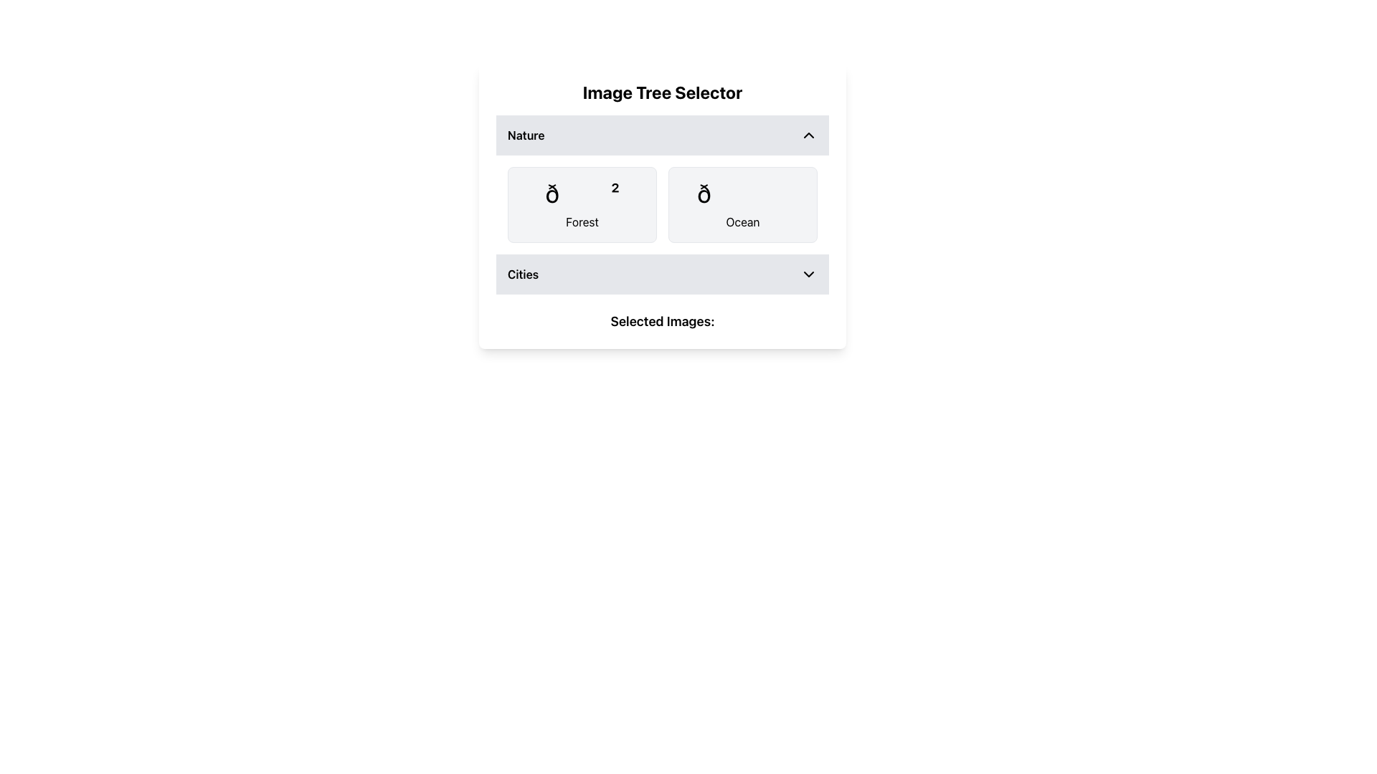  What do you see at coordinates (662, 274) in the screenshot?
I see `the Dropdown Trigger element labeled 'Cities'` at bounding box center [662, 274].